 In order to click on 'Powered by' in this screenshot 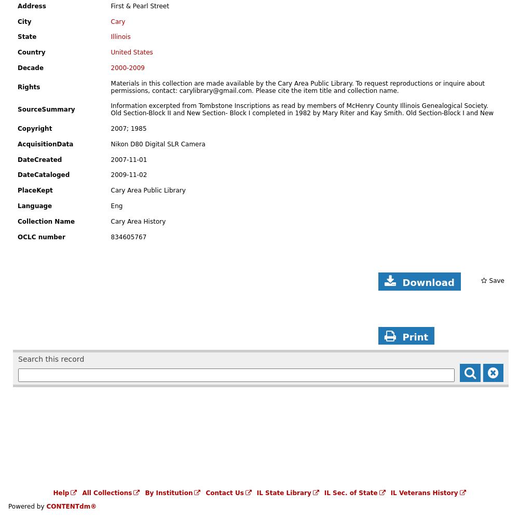, I will do `click(27, 506)`.